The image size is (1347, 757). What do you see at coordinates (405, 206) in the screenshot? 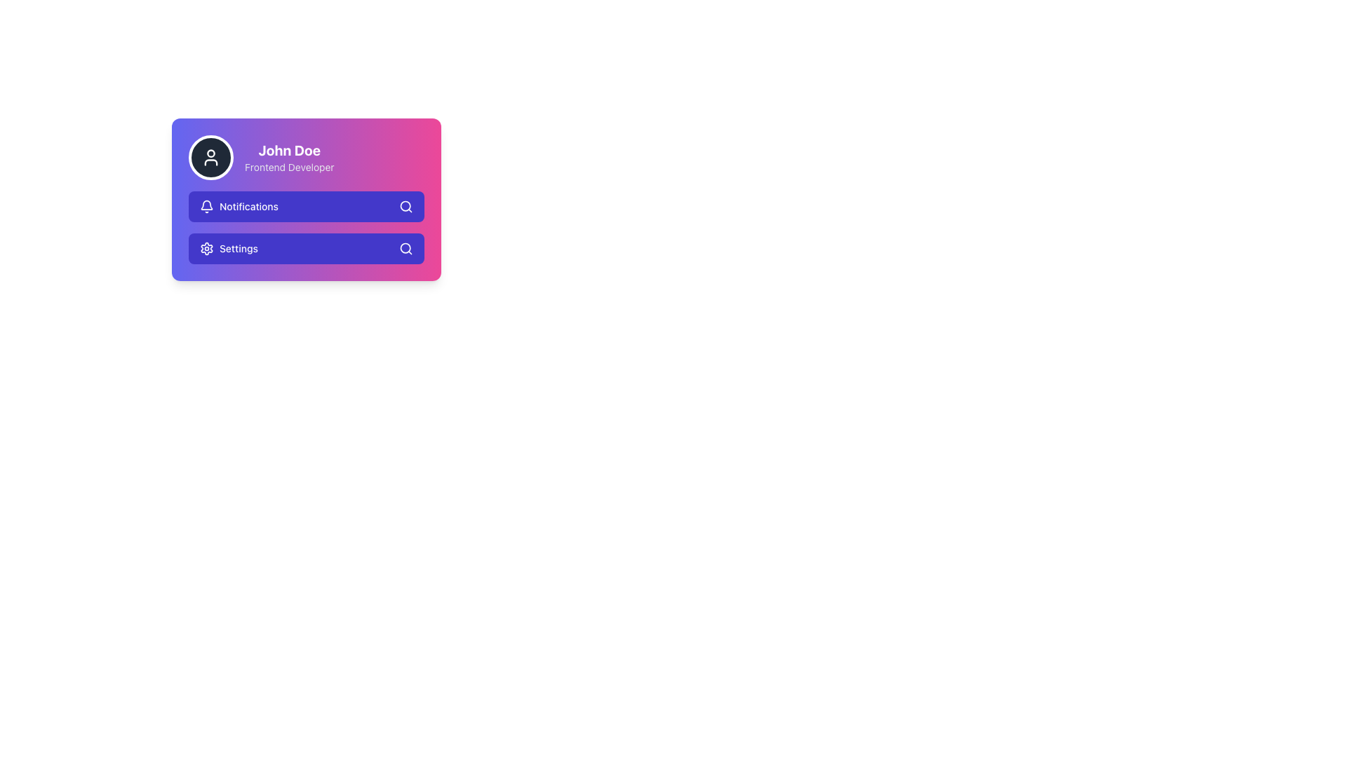
I see `the circular SVG element located near the top-right corner of the second blue rectangular button labeled 'Notifications'` at bounding box center [405, 206].